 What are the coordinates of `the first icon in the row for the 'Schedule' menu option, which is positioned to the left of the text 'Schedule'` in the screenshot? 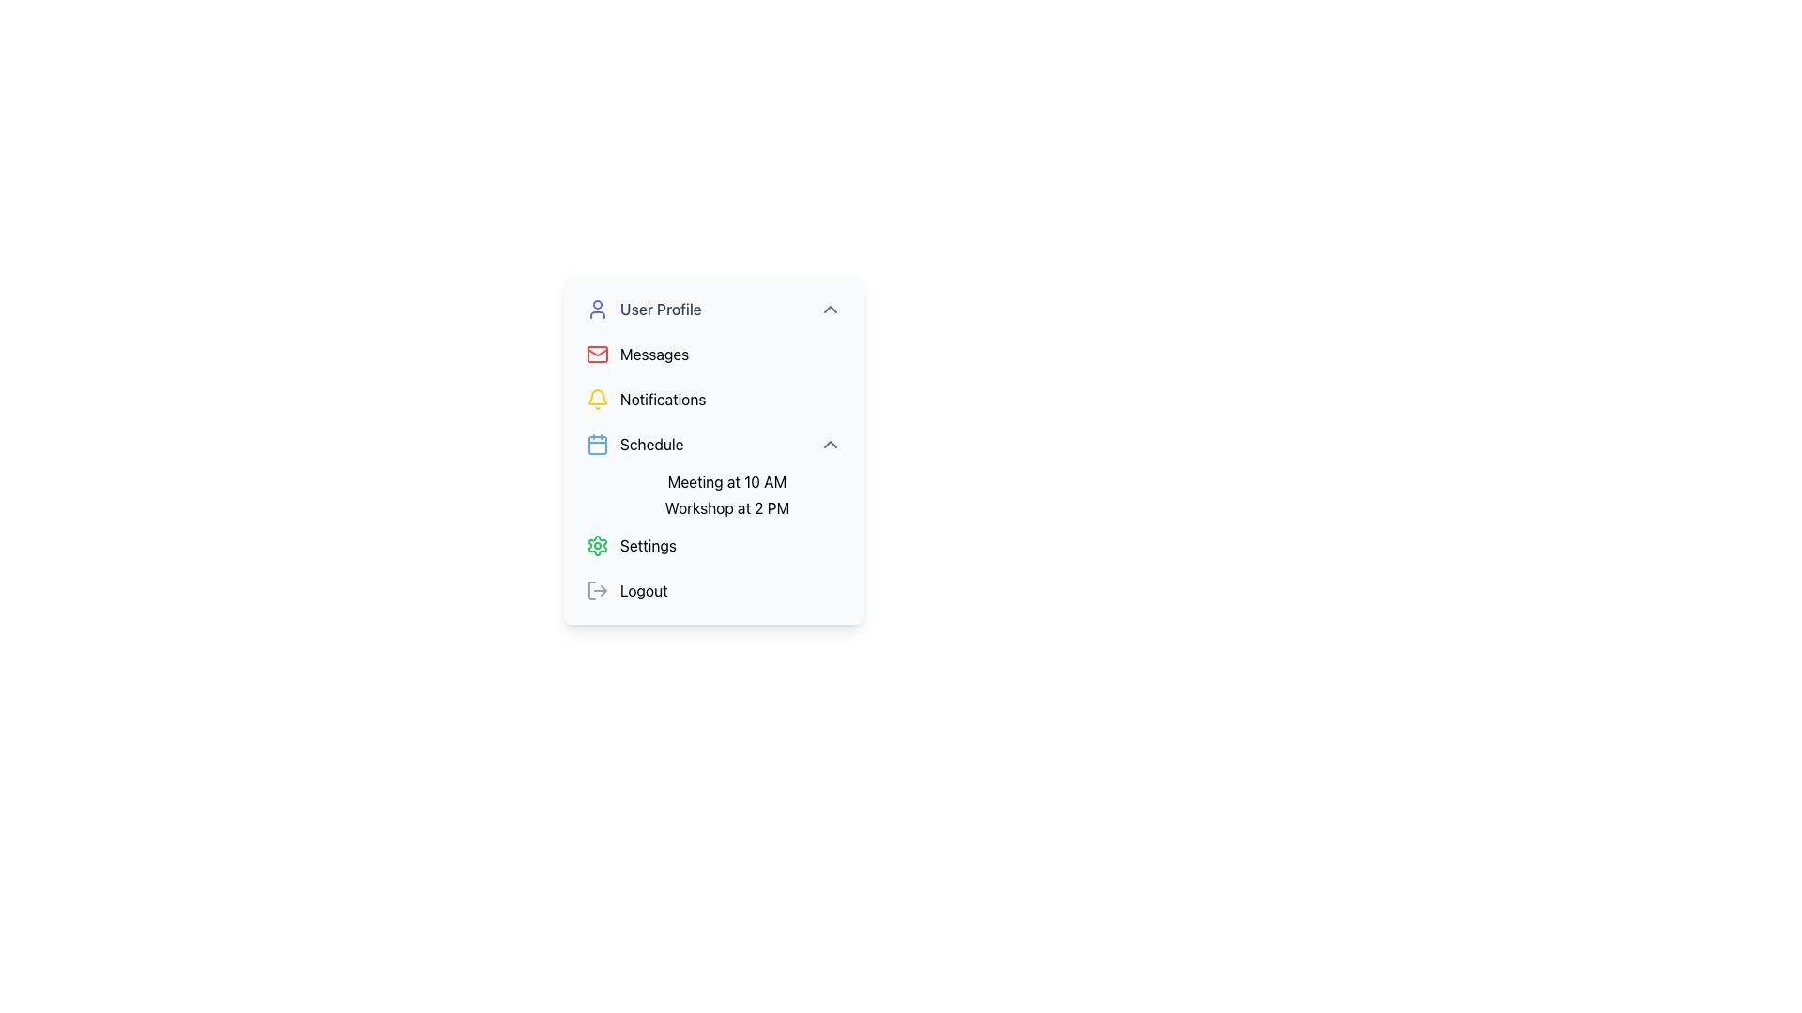 It's located at (597, 445).